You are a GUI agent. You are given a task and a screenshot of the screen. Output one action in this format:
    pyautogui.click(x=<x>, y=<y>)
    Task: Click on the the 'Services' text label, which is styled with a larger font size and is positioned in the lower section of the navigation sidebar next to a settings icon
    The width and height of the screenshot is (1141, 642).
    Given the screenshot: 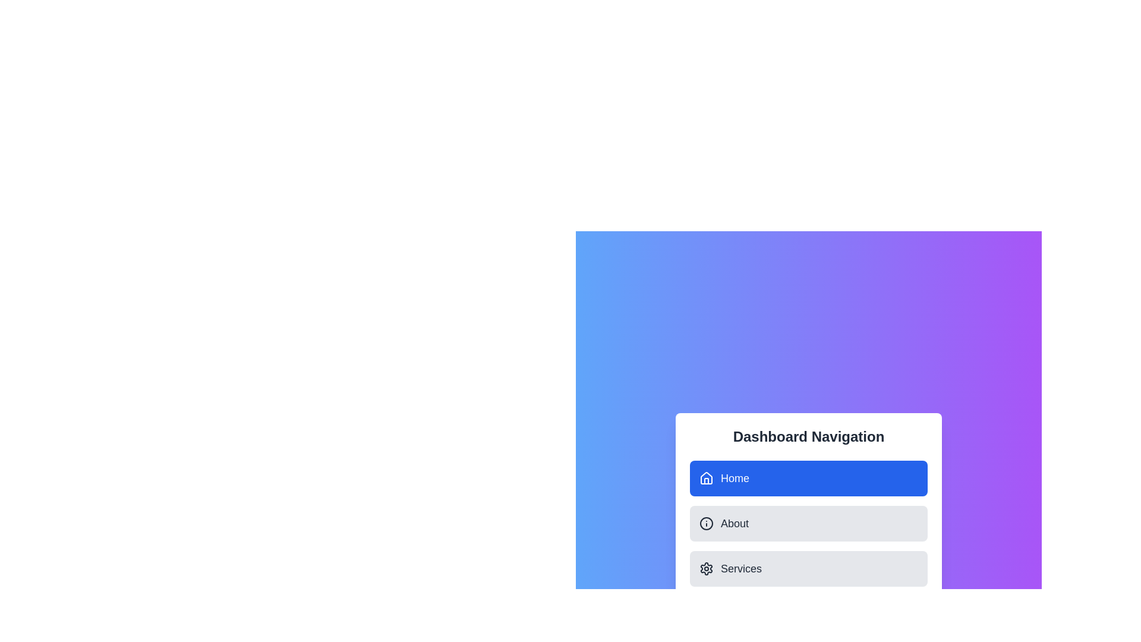 What is the action you would take?
    pyautogui.click(x=740, y=568)
    